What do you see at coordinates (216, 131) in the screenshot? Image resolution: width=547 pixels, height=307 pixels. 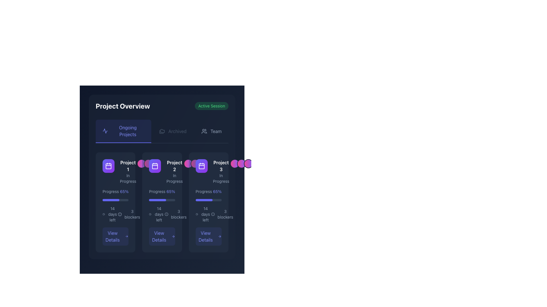 I see `the label indicating team management or collaboration, positioned at the rightmost side of the navigation bar` at bounding box center [216, 131].